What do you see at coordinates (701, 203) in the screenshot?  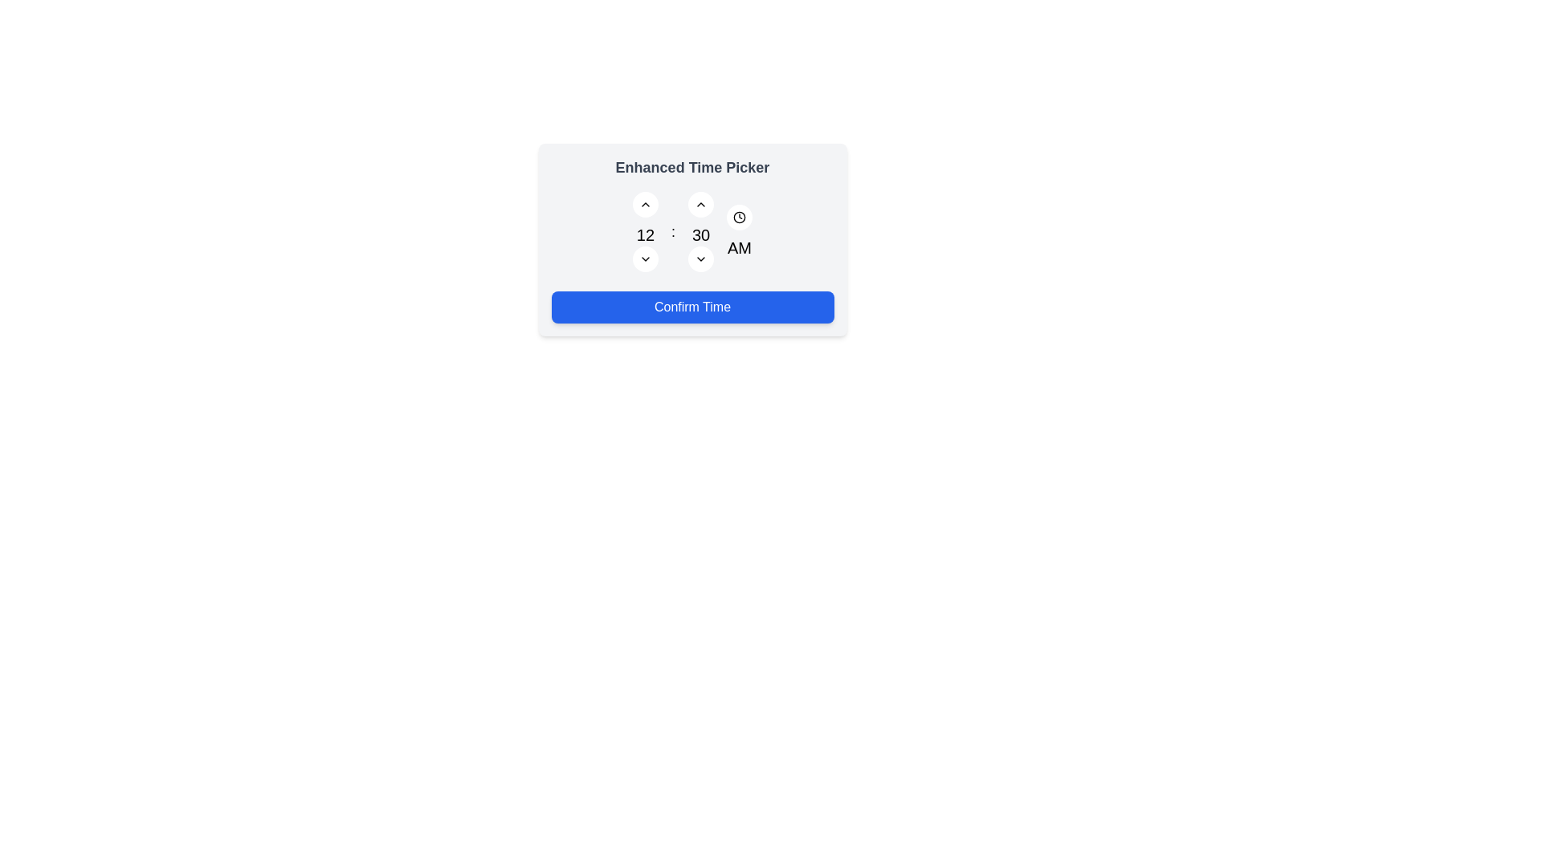 I see `the first button in a vertical stack that increases the numeric value by one to observe the background color change` at bounding box center [701, 203].